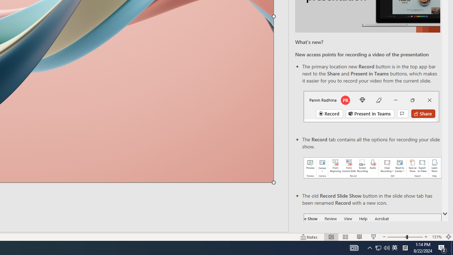 The image size is (453, 255). I want to click on 'Normal', so click(331, 237).